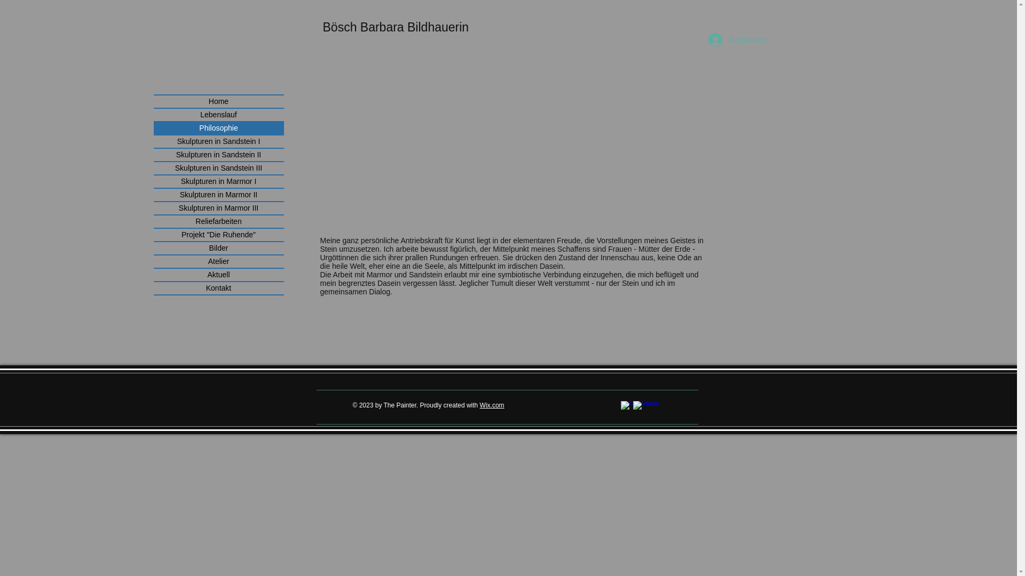 The width and height of the screenshot is (1025, 576). What do you see at coordinates (218, 221) in the screenshot?
I see `'Reliefarbeiten'` at bounding box center [218, 221].